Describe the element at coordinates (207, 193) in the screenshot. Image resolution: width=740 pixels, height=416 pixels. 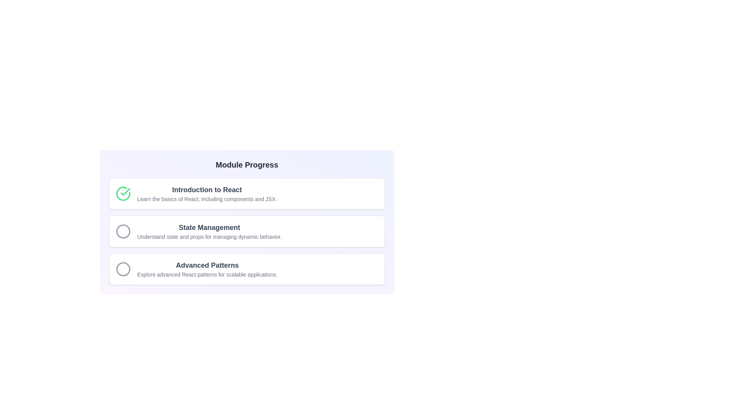
I see `the informational text block titled 'Introduction to React' that describes the basics of React, which is styled with a bold title and a lighter description, positioned under 'Module Progress'` at that location.